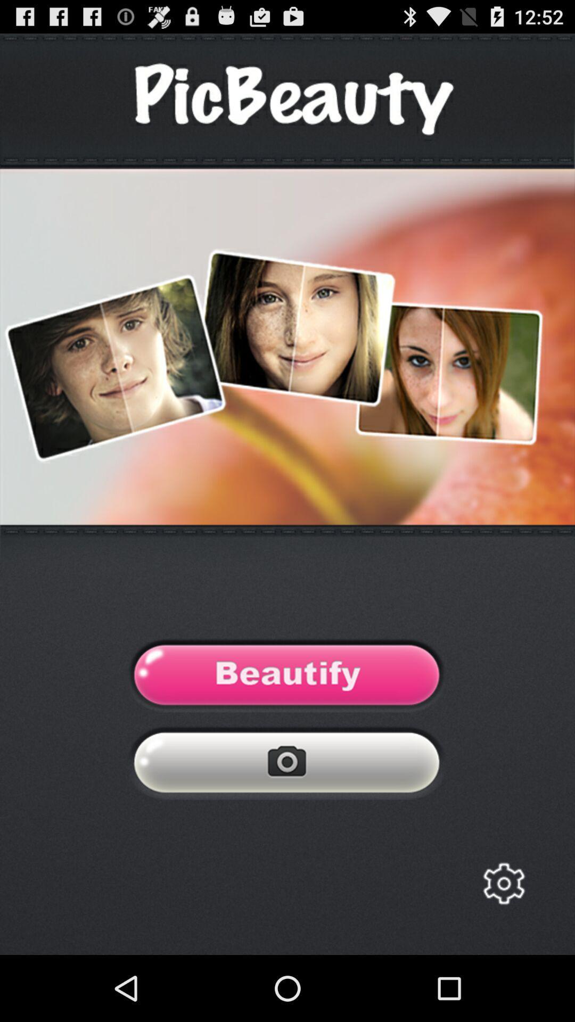 The height and width of the screenshot is (1022, 575). What do you see at coordinates (286, 765) in the screenshot?
I see `the button is used to take photo` at bounding box center [286, 765].